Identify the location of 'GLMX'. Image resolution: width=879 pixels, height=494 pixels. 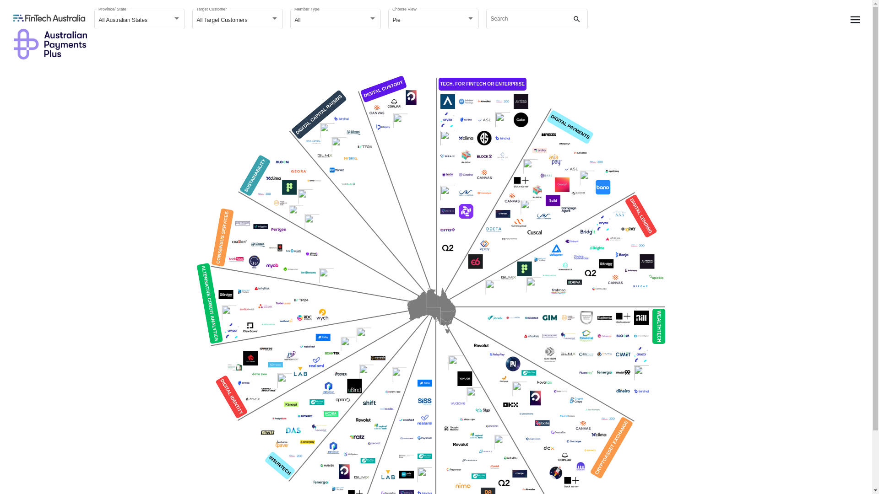
(325, 155).